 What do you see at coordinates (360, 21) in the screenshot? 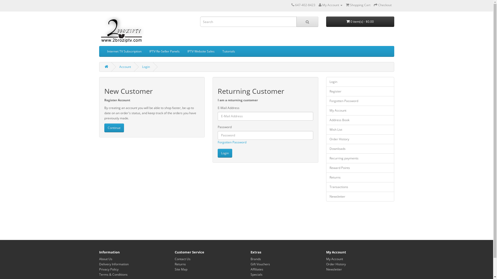
I see `'0 item(s) - $0.00'` at bounding box center [360, 21].